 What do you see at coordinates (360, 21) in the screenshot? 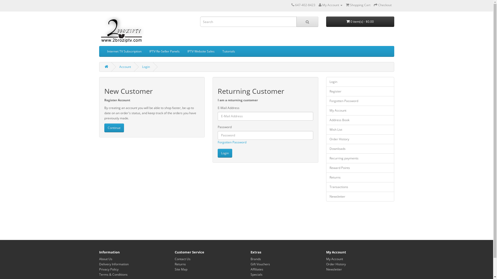
I see `'0 item(s) - $0.00'` at bounding box center [360, 21].